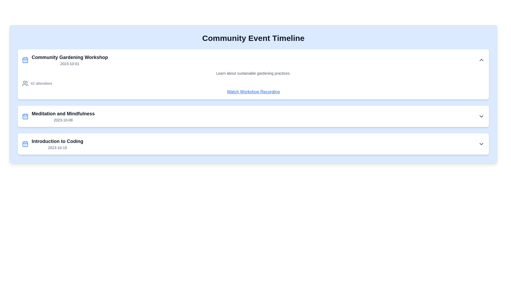 The image size is (511, 287). What do you see at coordinates (69, 57) in the screenshot?
I see `the title text of the event located at the upper-left of the event card, above the date '2023-10-01'` at bounding box center [69, 57].